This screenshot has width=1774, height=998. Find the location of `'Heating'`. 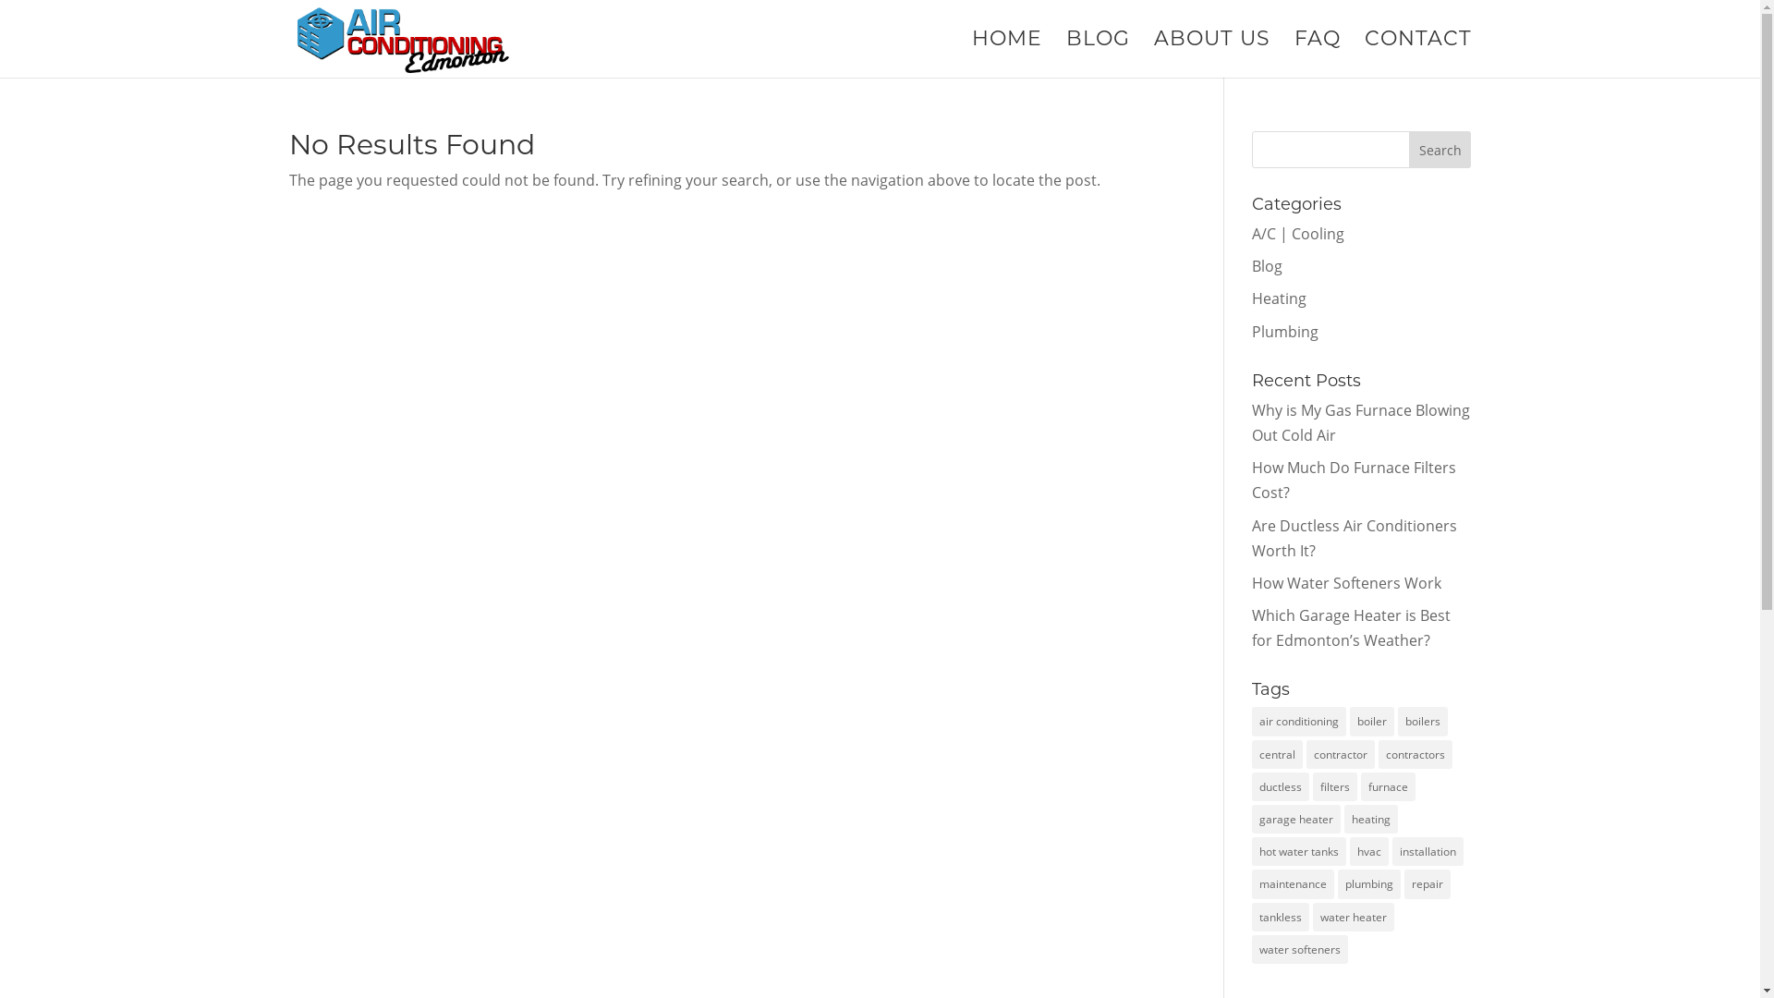

'Heating' is located at coordinates (1251, 298).